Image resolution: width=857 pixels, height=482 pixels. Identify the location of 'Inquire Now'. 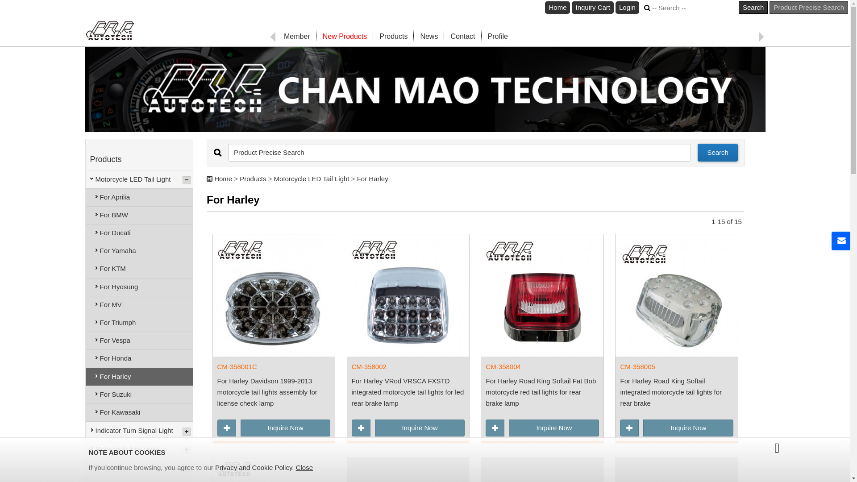
(509, 428).